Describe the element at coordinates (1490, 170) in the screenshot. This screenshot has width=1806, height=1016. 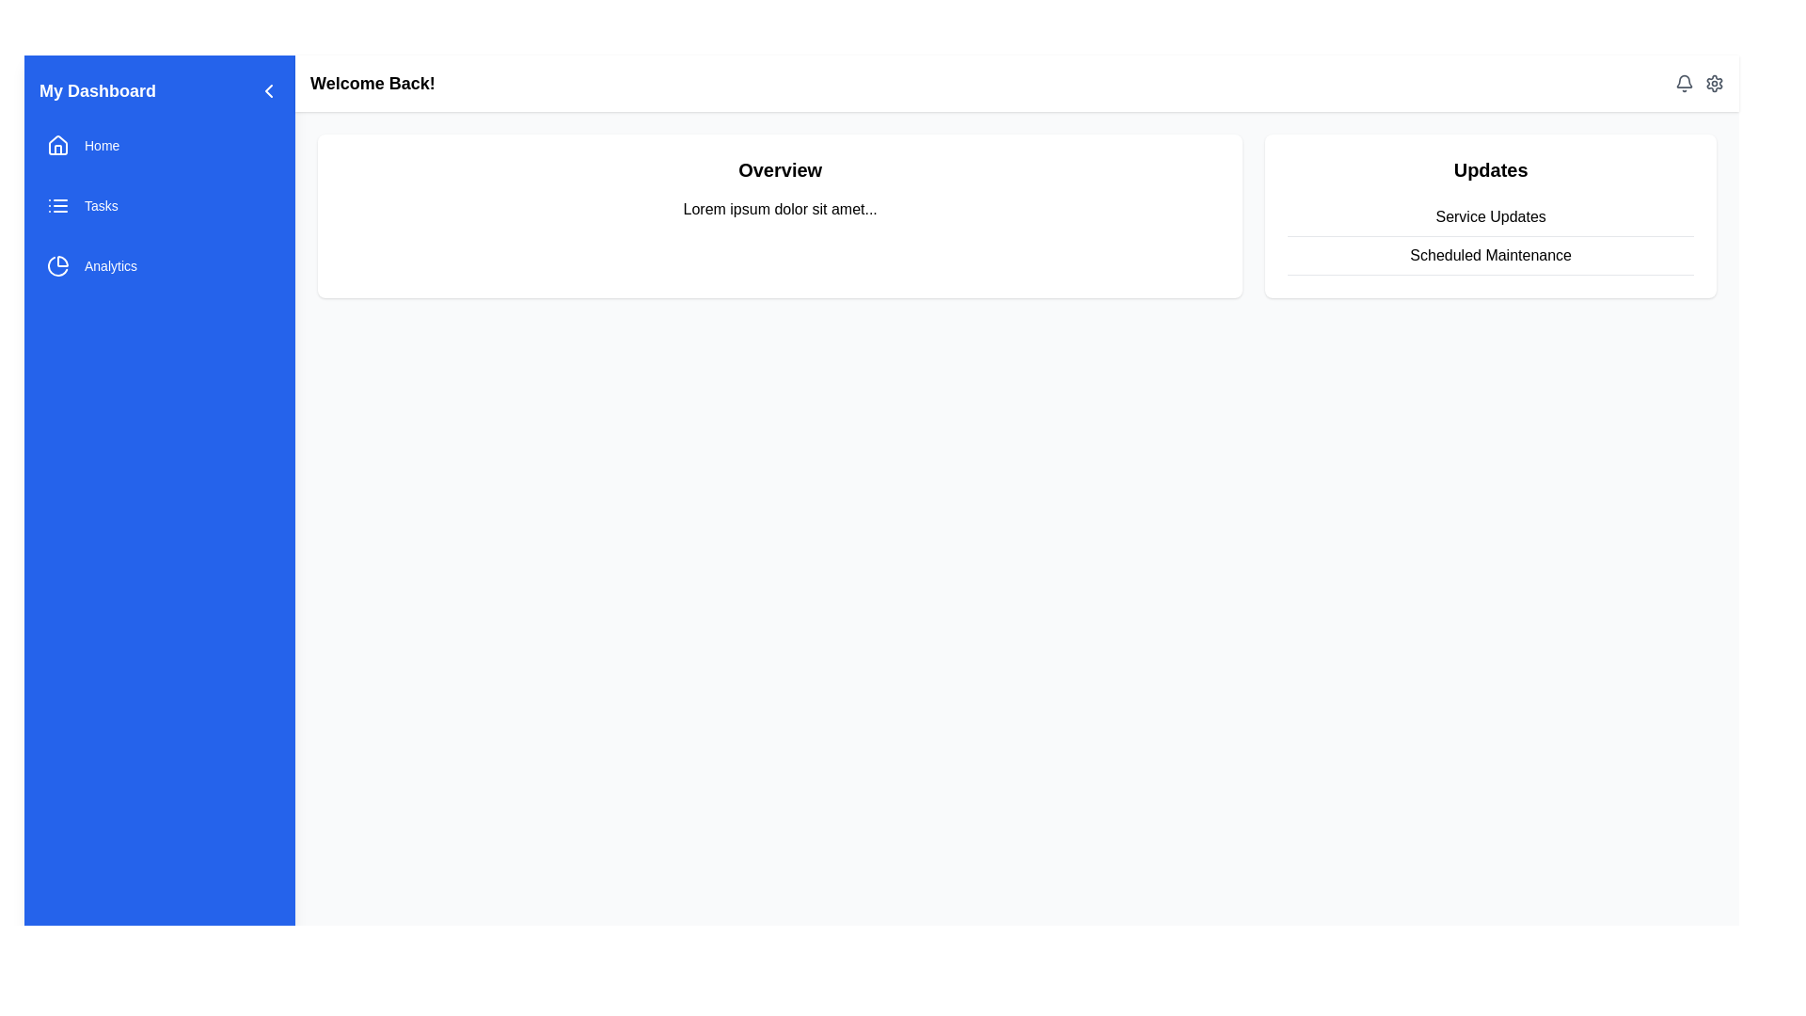
I see `the bolded text header displaying 'Updates' located at the top-right corner of the white rounded box` at that location.